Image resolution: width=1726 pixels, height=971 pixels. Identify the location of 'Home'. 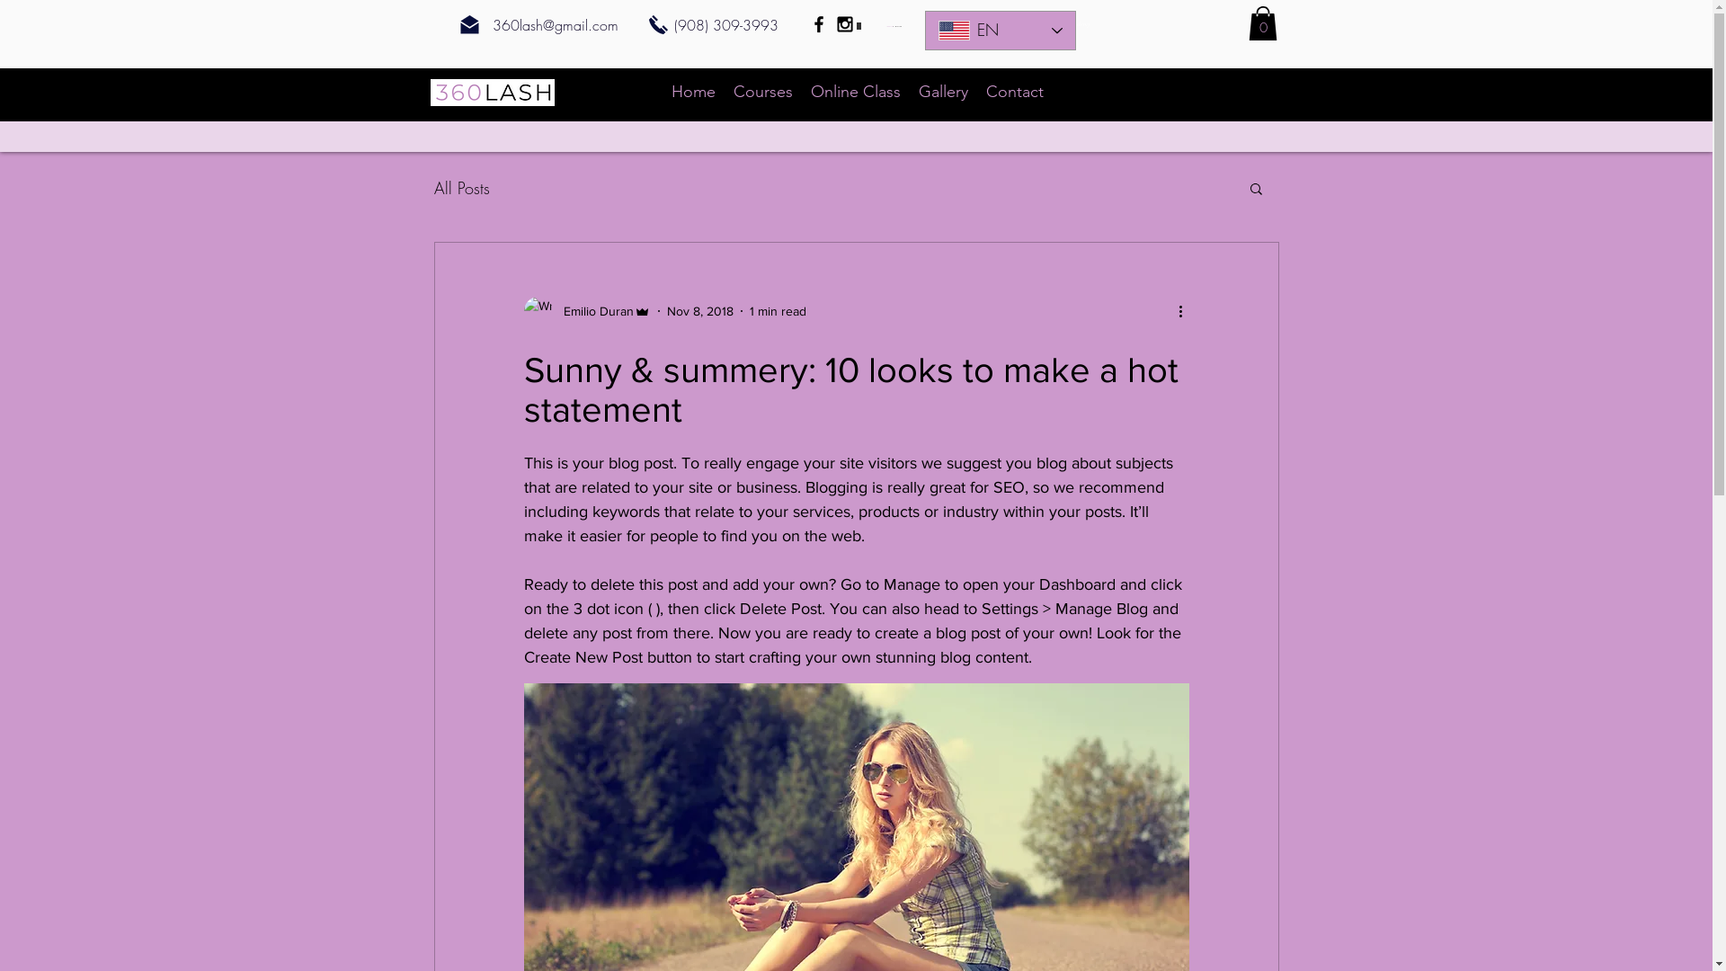
(691, 91).